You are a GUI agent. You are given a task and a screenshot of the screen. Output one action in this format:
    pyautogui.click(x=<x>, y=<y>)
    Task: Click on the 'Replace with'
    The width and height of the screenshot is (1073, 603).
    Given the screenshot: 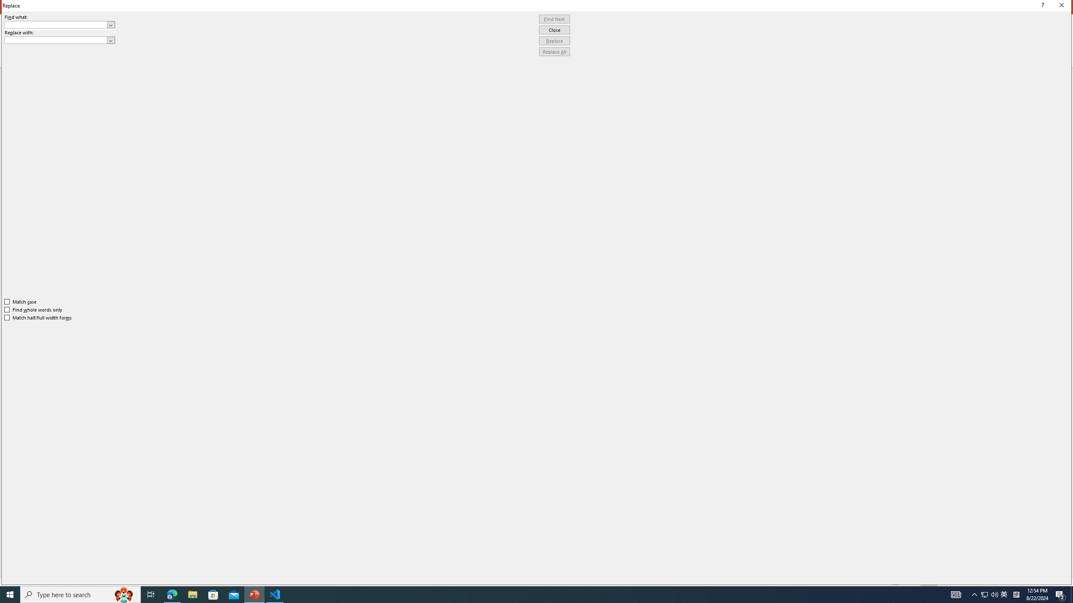 What is the action you would take?
    pyautogui.click(x=56, y=40)
    